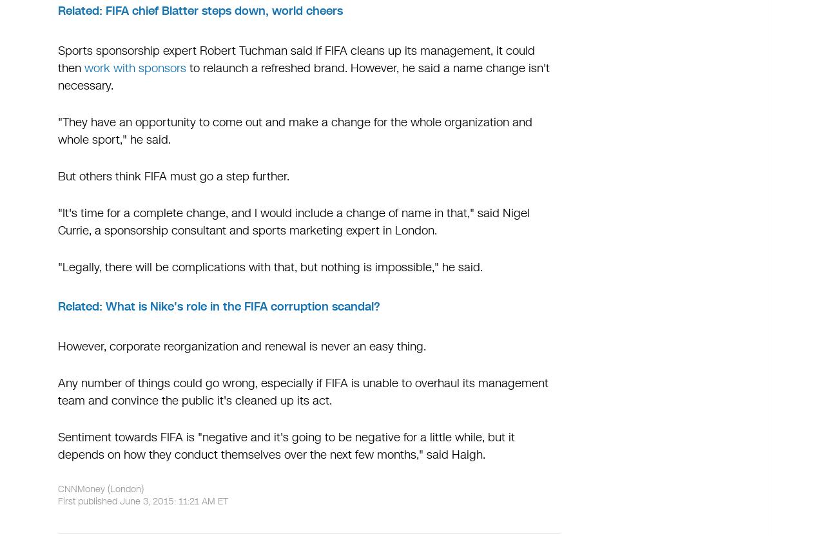 Image resolution: width=825 pixels, height=536 pixels. What do you see at coordinates (173, 175) in the screenshot?
I see `'But others think FIFA must go a step further.'` at bounding box center [173, 175].